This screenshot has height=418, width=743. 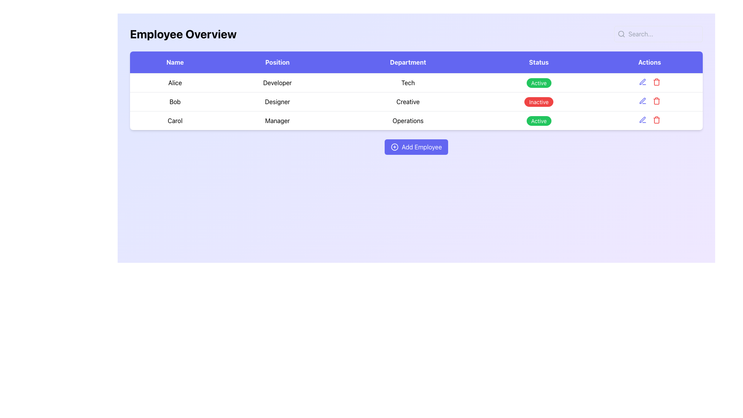 What do you see at coordinates (649, 82) in the screenshot?
I see `the edit icon in the 'Actions' column of the first row of the table associated with 'Alice'` at bounding box center [649, 82].